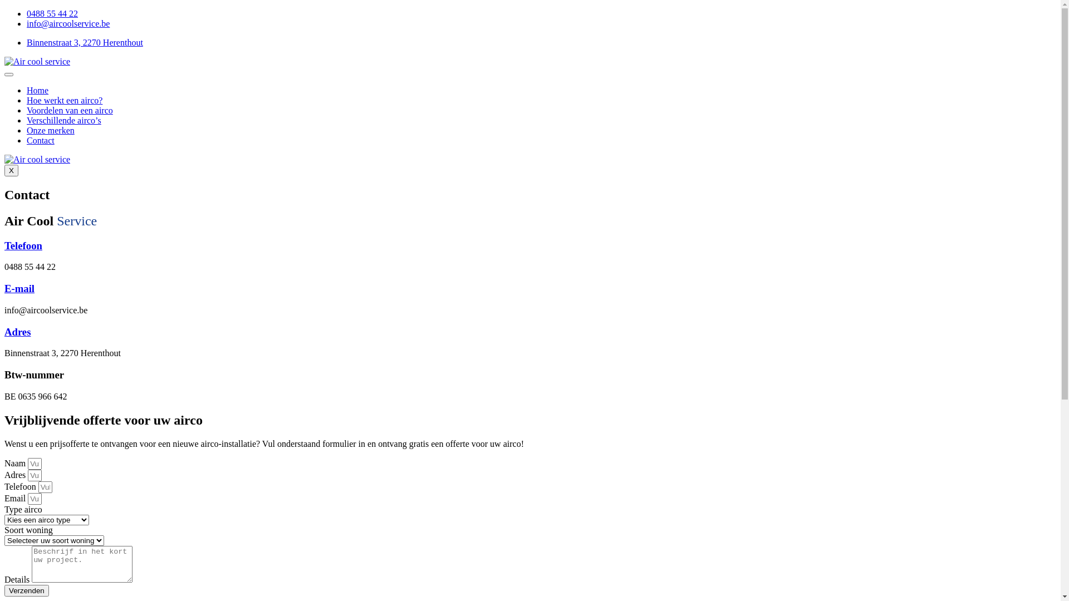 The image size is (1069, 601). I want to click on 'Hoe werkt een airco?', so click(63, 100).